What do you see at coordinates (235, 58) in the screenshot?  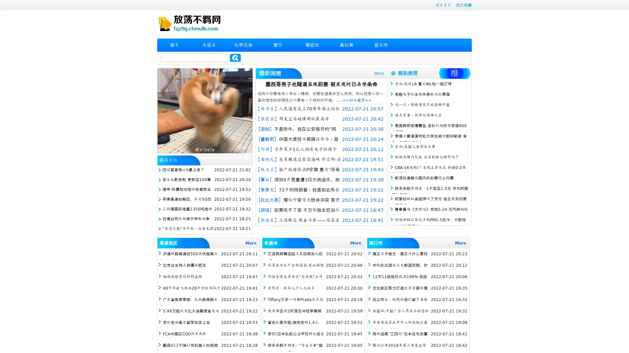 I see `Search` at bounding box center [235, 58].